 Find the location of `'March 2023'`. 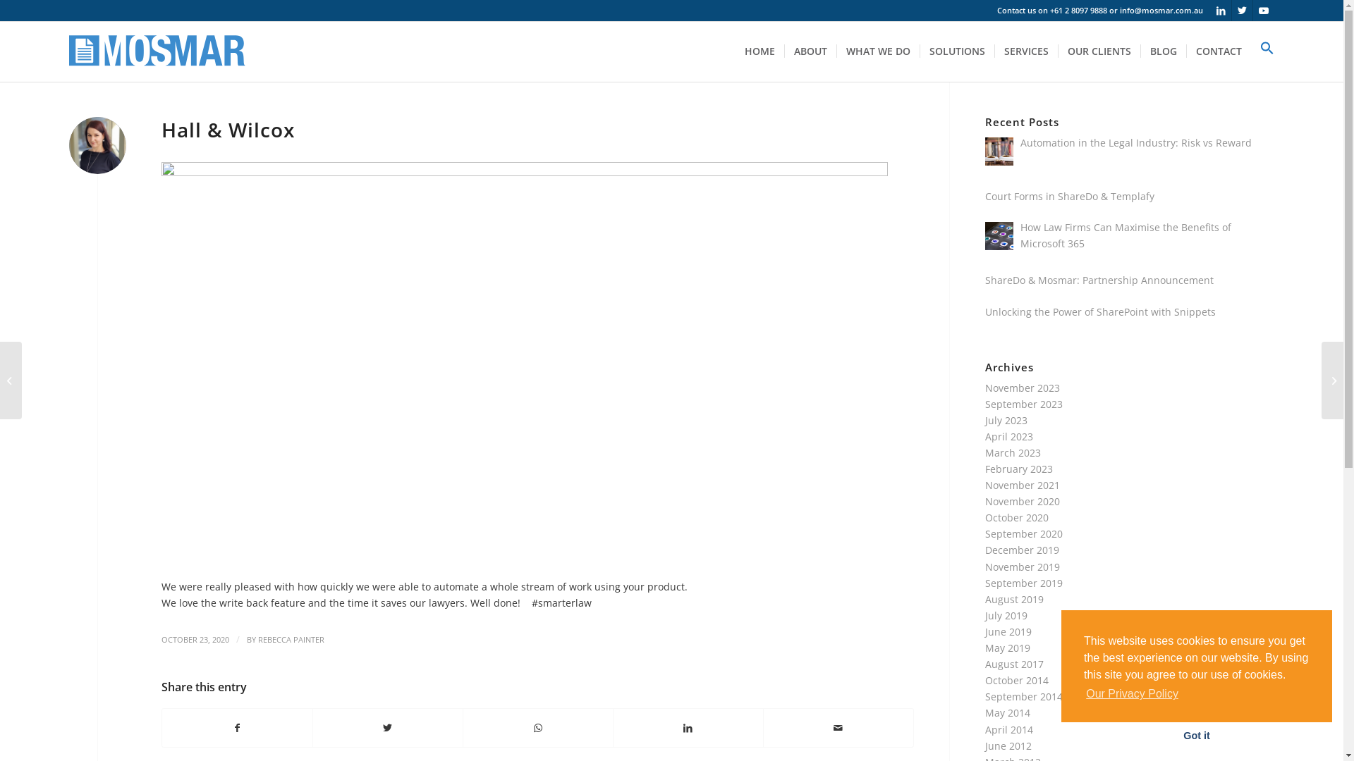

'March 2023' is located at coordinates (1012, 452).